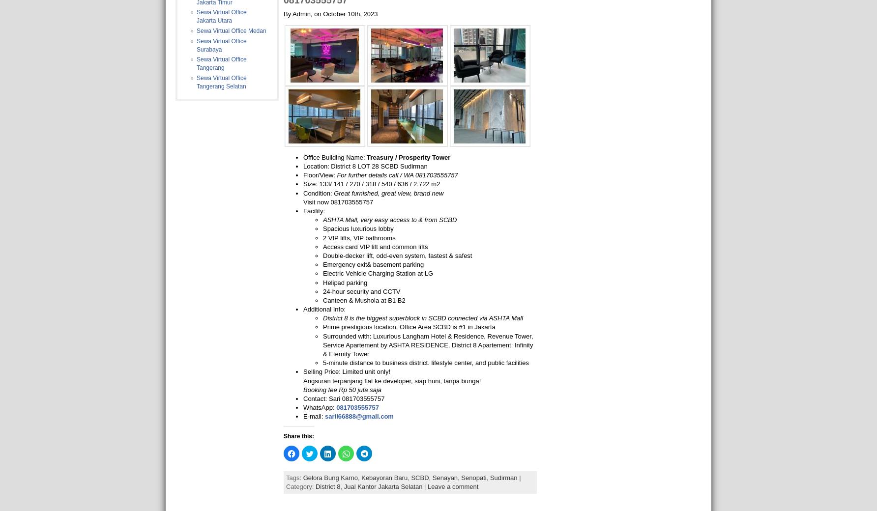 This screenshot has height=511, width=877. What do you see at coordinates (345, 282) in the screenshot?
I see `'Helipad parking'` at bounding box center [345, 282].